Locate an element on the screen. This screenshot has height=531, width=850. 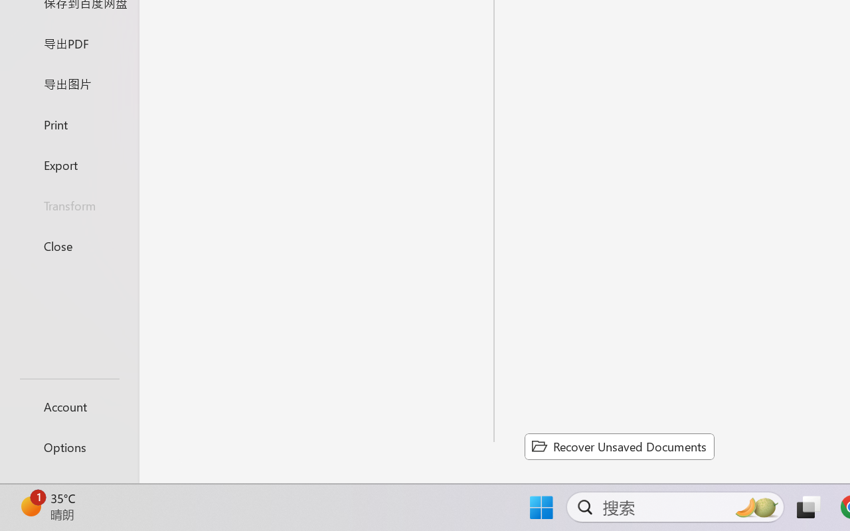
'Recover Unsaved Documents' is located at coordinates (619, 446).